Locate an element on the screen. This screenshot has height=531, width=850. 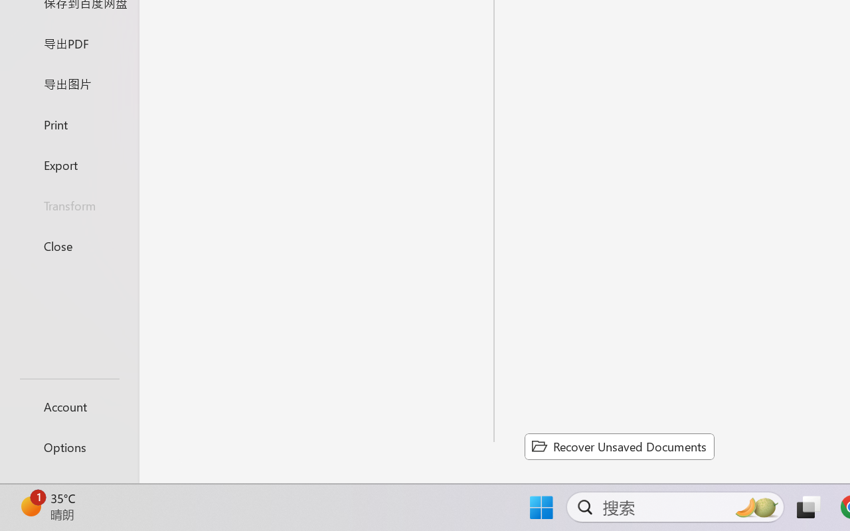
'Recover Unsaved Documents' is located at coordinates (619, 446).